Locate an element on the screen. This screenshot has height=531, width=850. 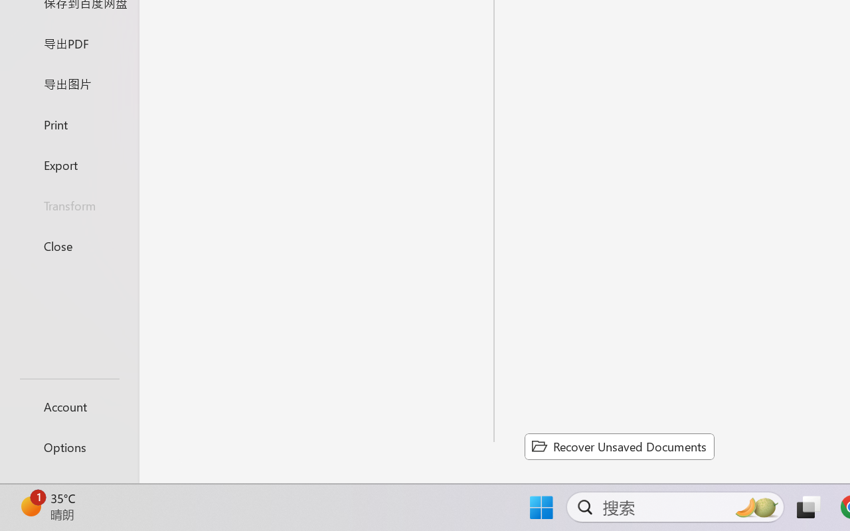
'Recover Unsaved Documents' is located at coordinates (619, 446).